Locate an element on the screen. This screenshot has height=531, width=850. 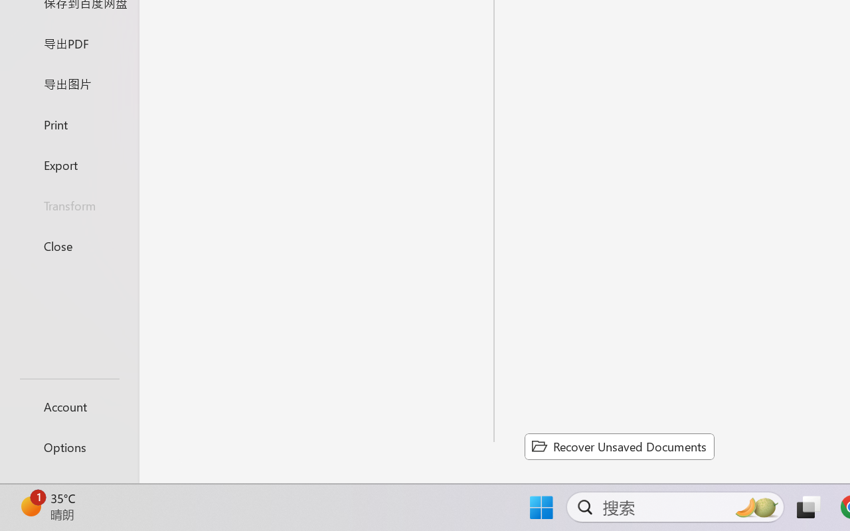
'Recover Unsaved Documents' is located at coordinates (619, 446).